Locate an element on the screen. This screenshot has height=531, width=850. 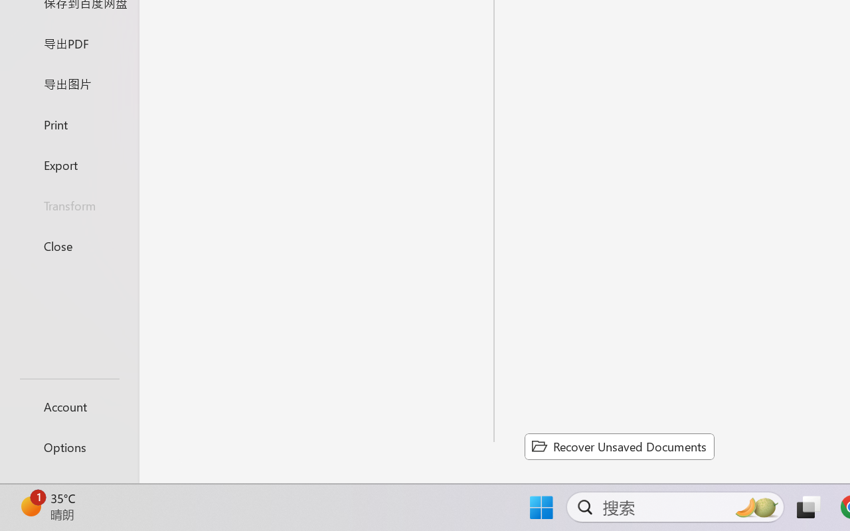
'Recover Unsaved Documents' is located at coordinates (619, 446).